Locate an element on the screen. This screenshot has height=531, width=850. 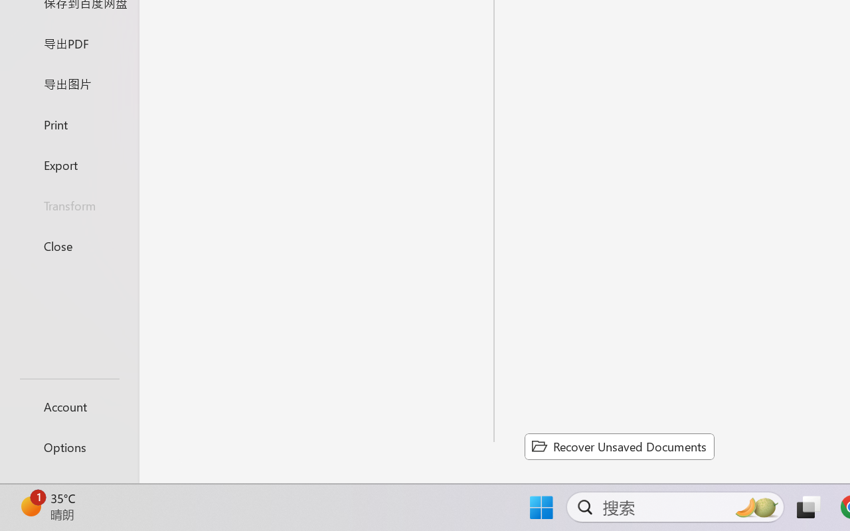
'Recover Unsaved Documents' is located at coordinates (619, 446).